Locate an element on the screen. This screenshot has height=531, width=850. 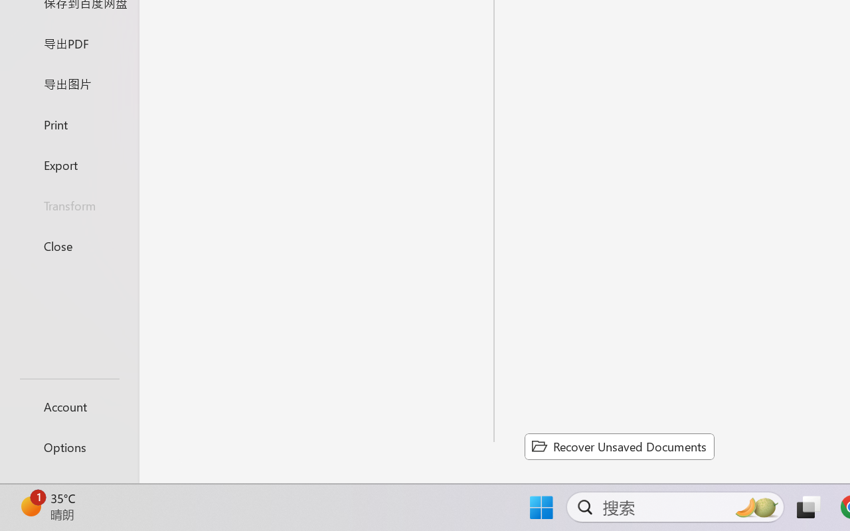
'Recover Unsaved Documents' is located at coordinates (619, 446).